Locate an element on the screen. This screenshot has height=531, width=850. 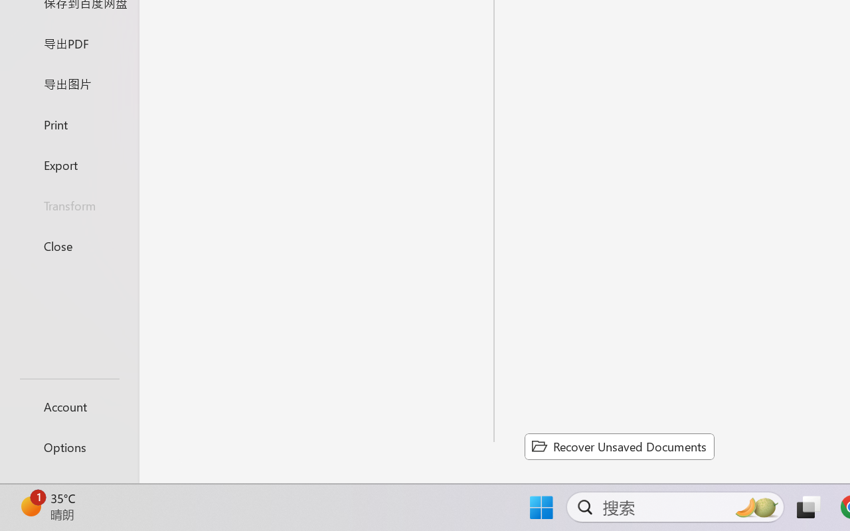
'Recover Unsaved Documents' is located at coordinates (619, 446).